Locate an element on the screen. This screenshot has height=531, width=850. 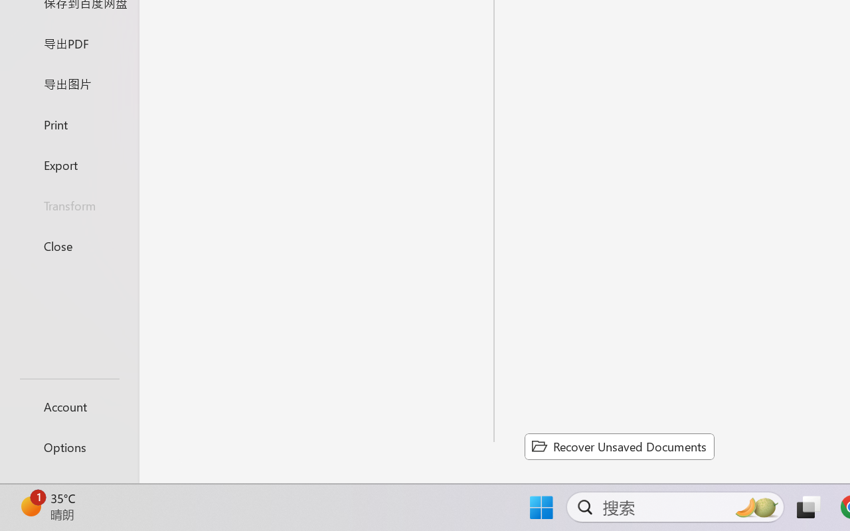
'Recover Unsaved Documents' is located at coordinates (619, 446).